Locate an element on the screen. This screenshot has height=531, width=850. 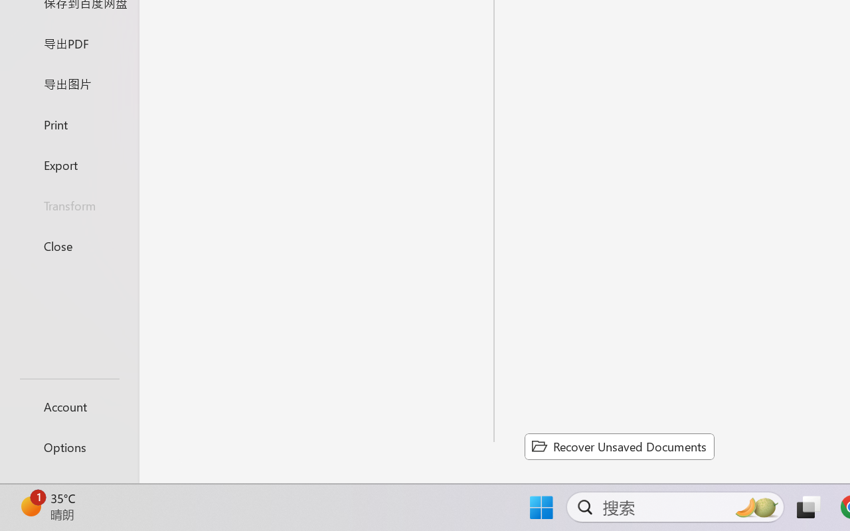
'Recover Unsaved Documents' is located at coordinates (619, 446).